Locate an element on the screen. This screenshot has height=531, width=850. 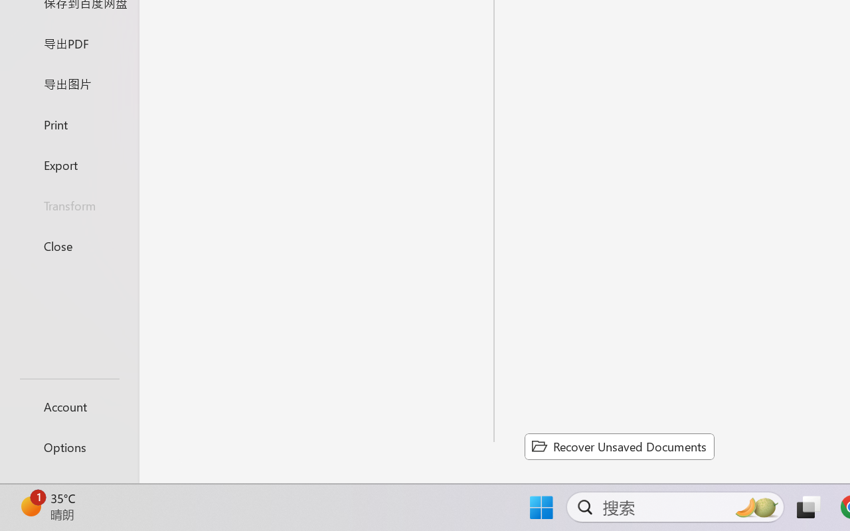
'Recover Unsaved Documents' is located at coordinates (619, 446).